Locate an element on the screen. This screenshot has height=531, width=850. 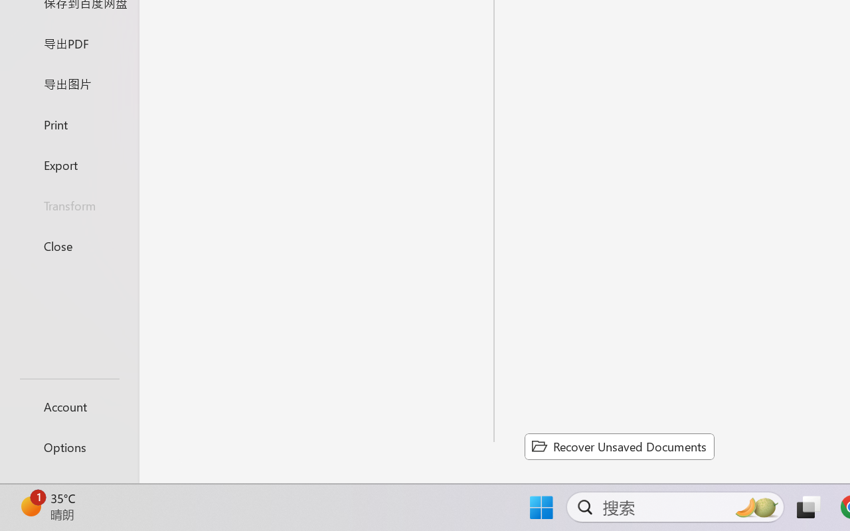
'Recover Unsaved Documents' is located at coordinates (619, 446).